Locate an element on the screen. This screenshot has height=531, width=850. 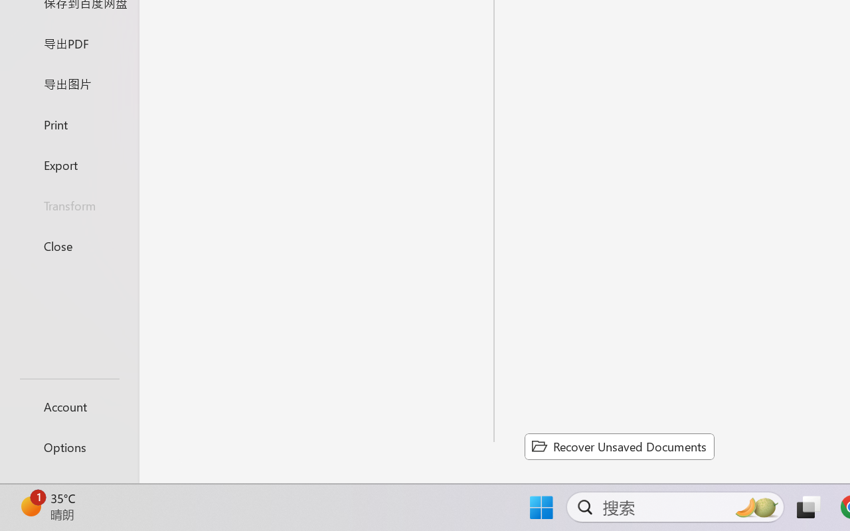
'Recover Unsaved Documents' is located at coordinates (619, 446).